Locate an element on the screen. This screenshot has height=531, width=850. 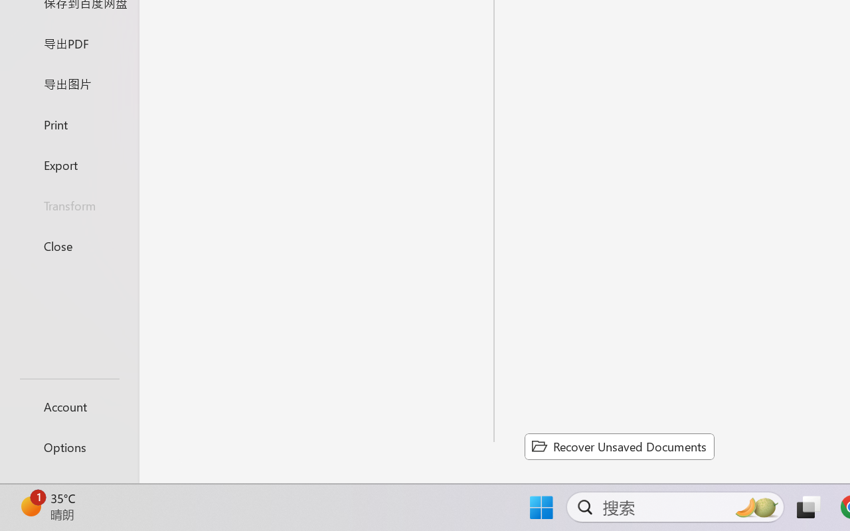
'Recover Unsaved Documents' is located at coordinates (619, 446).